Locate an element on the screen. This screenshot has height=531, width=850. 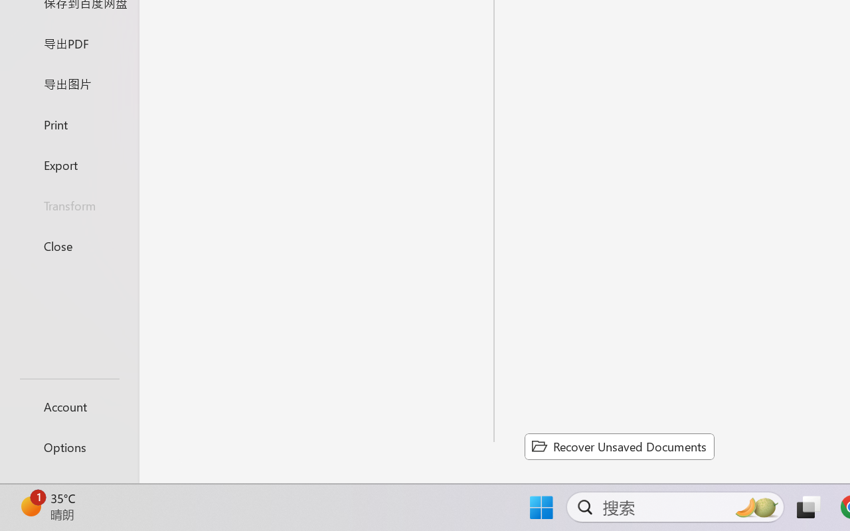
'Recover Unsaved Documents' is located at coordinates (619, 446).